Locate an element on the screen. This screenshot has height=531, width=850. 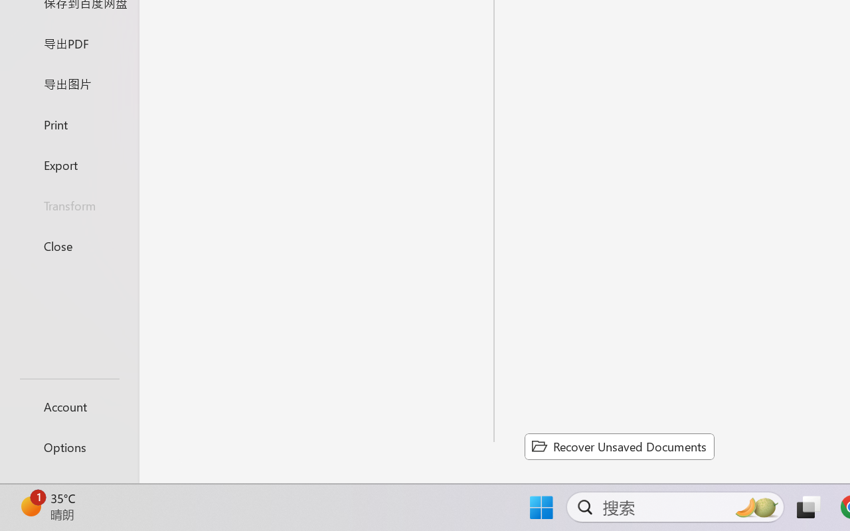
'Recover Unsaved Documents' is located at coordinates (619, 446).